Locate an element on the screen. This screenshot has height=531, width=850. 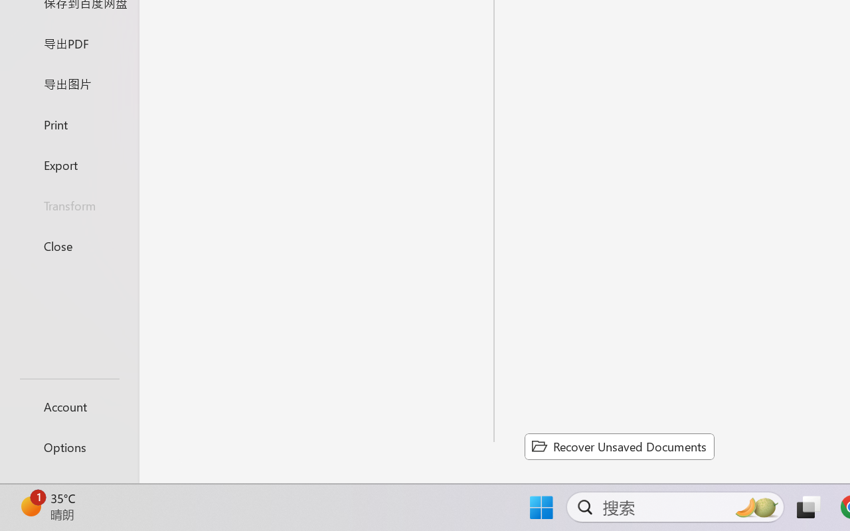
'Recover Unsaved Documents' is located at coordinates (619, 446).